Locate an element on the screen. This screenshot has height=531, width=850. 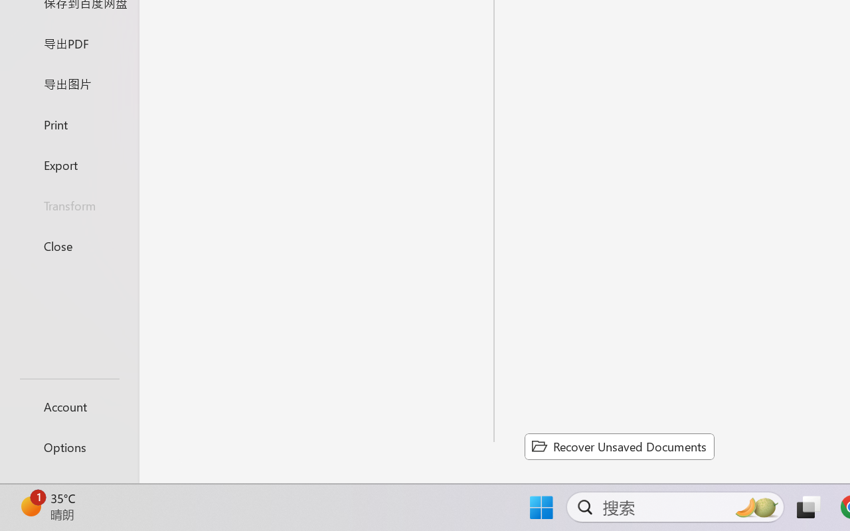
'Recover Unsaved Documents' is located at coordinates (619, 446).